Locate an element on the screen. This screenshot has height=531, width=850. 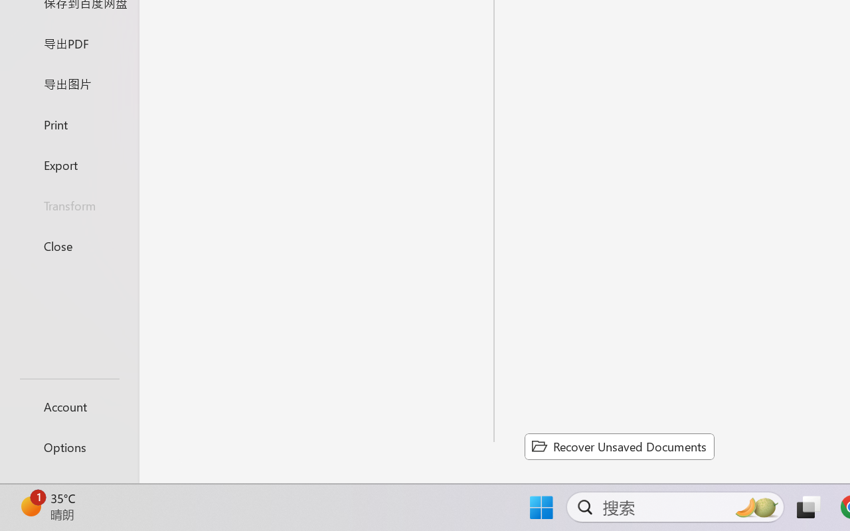
'Recover Unsaved Documents' is located at coordinates (619, 446).